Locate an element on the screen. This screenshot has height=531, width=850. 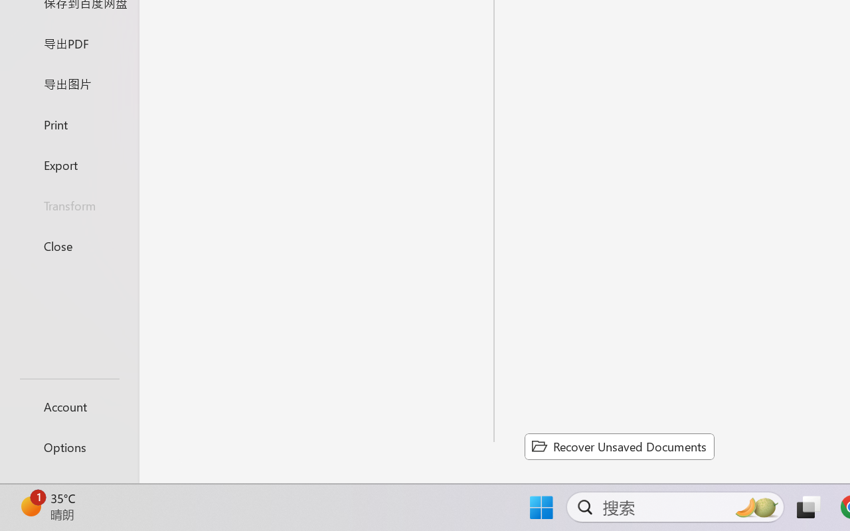
'Recover Unsaved Documents' is located at coordinates (619, 446).